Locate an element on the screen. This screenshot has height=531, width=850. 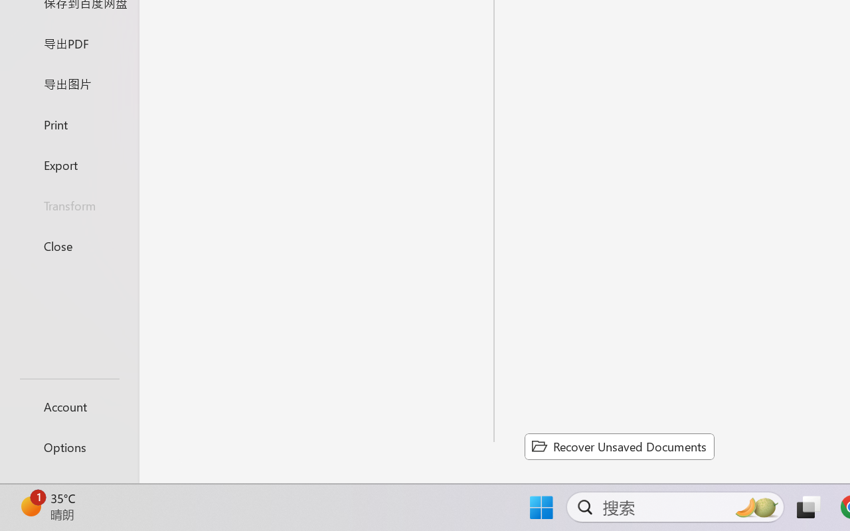
'Recover Unsaved Documents' is located at coordinates (619, 446).